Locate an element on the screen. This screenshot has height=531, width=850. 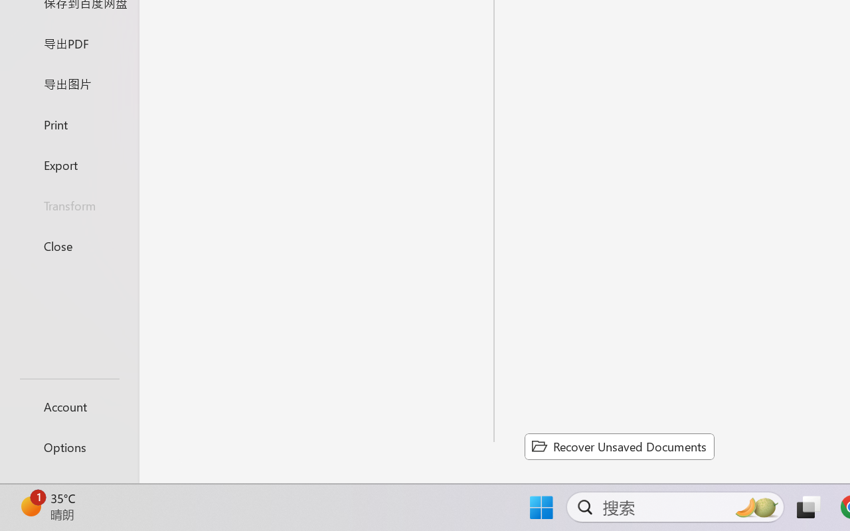
'Recover Unsaved Documents' is located at coordinates (619, 446).